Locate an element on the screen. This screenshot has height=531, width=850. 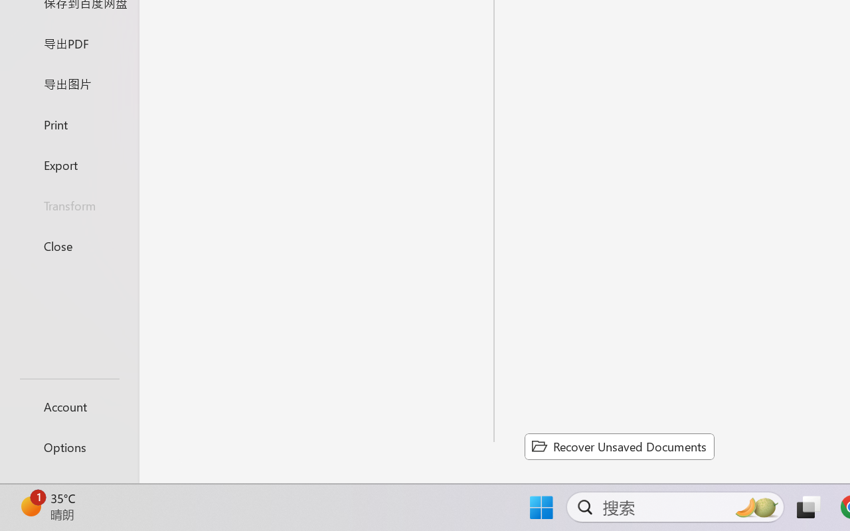
'Recover Unsaved Documents' is located at coordinates (619, 446).